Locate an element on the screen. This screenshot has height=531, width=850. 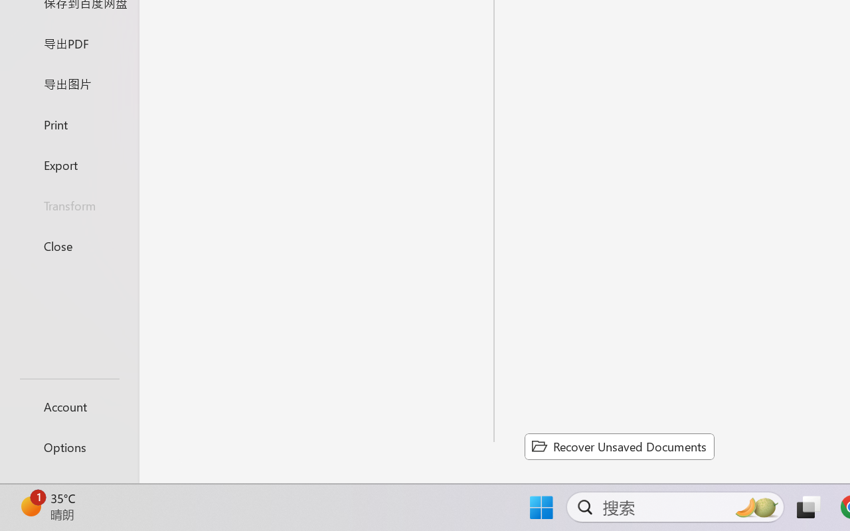
'Recover Unsaved Documents' is located at coordinates (619, 446).